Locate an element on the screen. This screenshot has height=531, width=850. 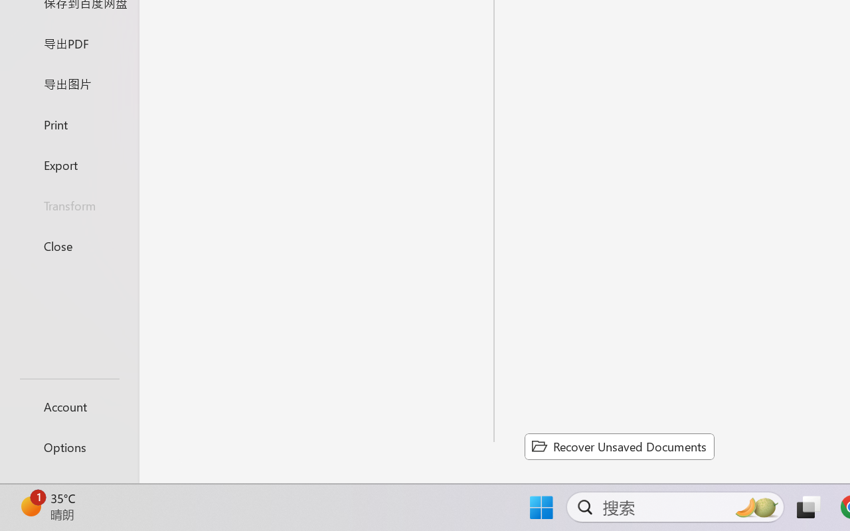
'Recover Unsaved Documents' is located at coordinates (619, 446).